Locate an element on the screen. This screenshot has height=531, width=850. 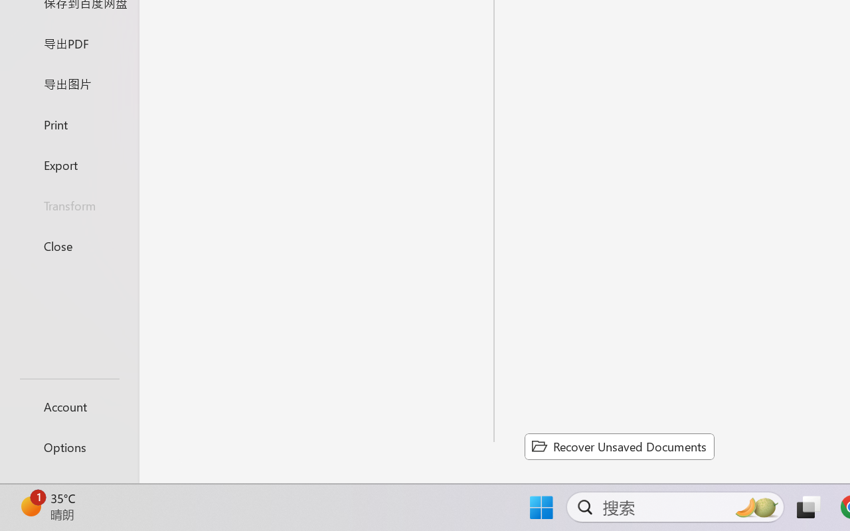
'Recover Unsaved Documents' is located at coordinates (619, 446).